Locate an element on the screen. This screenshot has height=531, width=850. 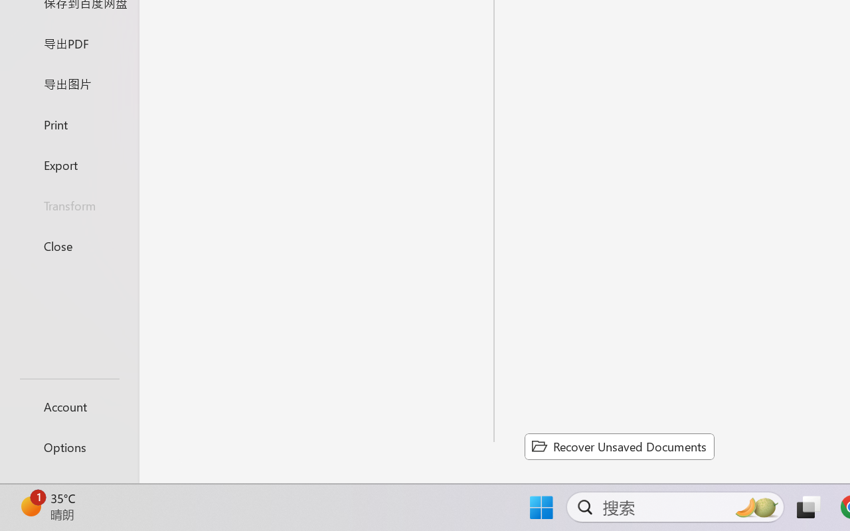
'Recover Unsaved Documents' is located at coordinates (619, 446).